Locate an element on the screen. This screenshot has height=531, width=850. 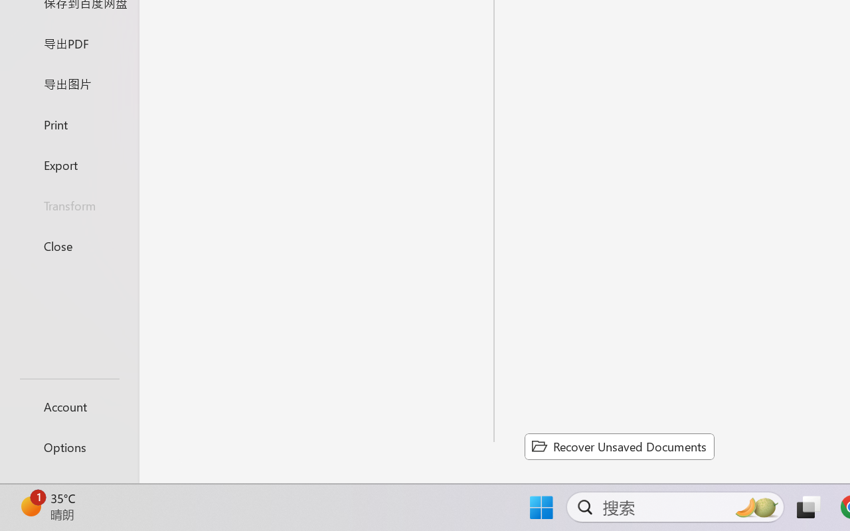
'Recover Unsaved Documents' is located at coordinates (619, 446).